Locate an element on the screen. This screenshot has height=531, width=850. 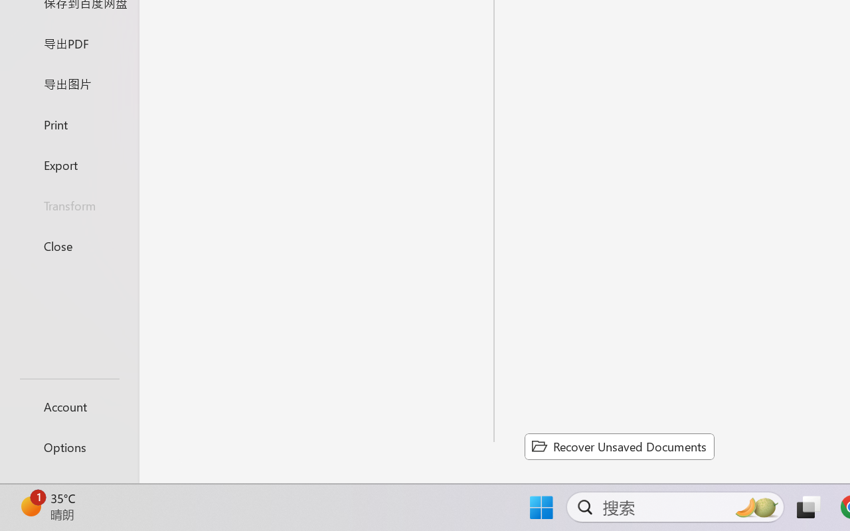
'Recover Unsaved Documents' is located at coordinates (619, 446).